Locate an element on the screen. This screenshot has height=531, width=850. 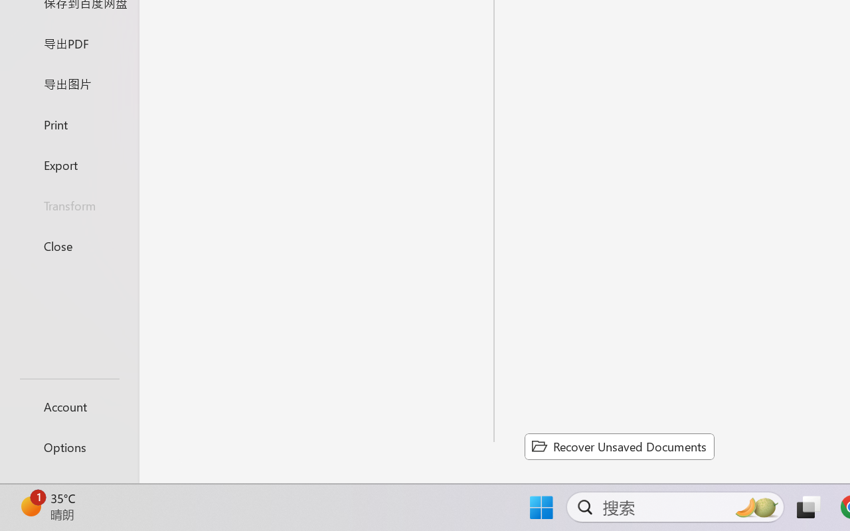
'Recover Unsaved Documents' is located at coordinates (619, 446).